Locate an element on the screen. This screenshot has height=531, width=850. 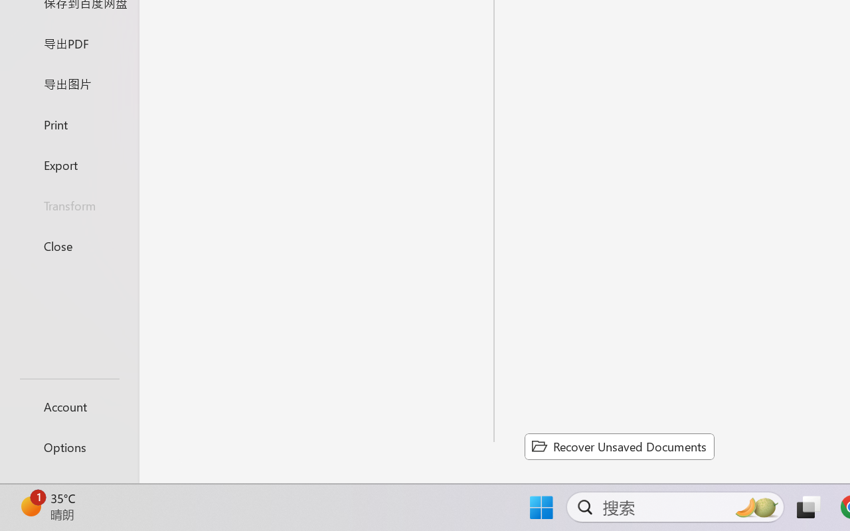
'Recover Unsaved Documents' is located at coordinates (619, 446).